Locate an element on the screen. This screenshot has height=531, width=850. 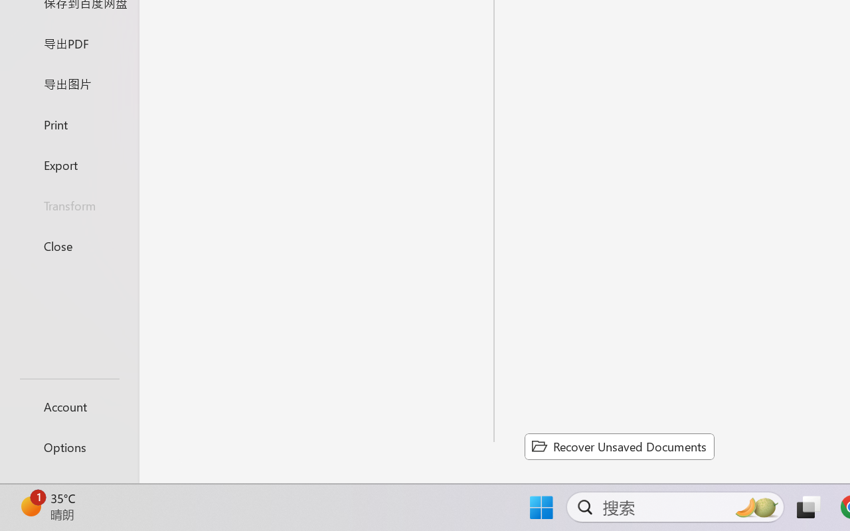
'Recover Unsaved Documents' is located at coordinates (619, 446).